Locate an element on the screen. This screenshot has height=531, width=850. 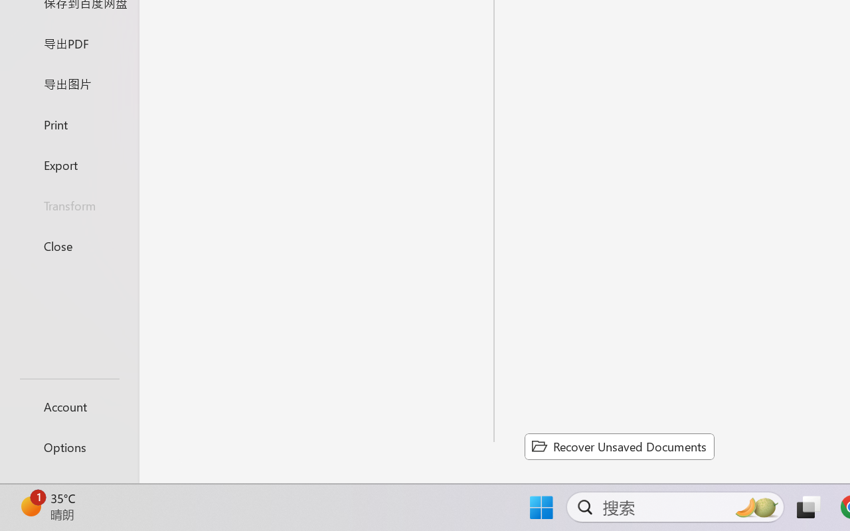
'Recover Unsaved Documents' is located at coordinates (619, 446).